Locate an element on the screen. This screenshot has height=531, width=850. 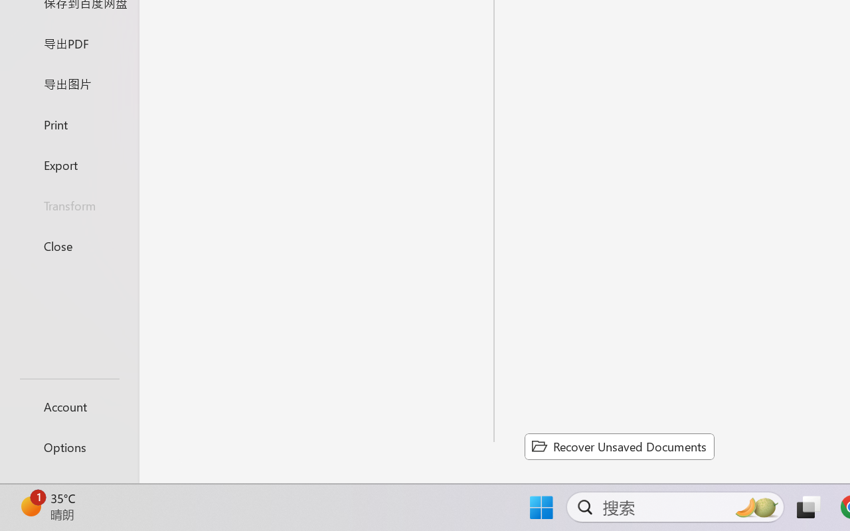
'Recover Unsaved Documents' is located at coordinates (619, 446).